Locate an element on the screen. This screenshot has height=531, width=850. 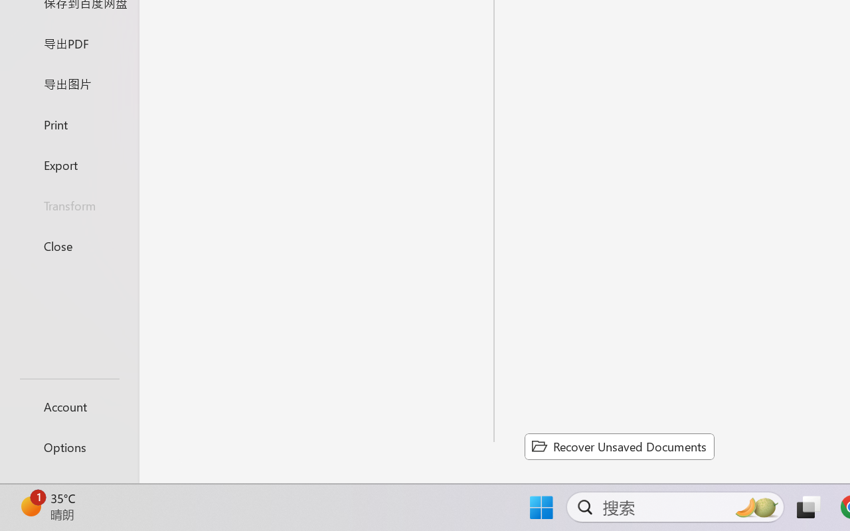
'Recover Unsaved Documents' is located at coordinates (619, 446).